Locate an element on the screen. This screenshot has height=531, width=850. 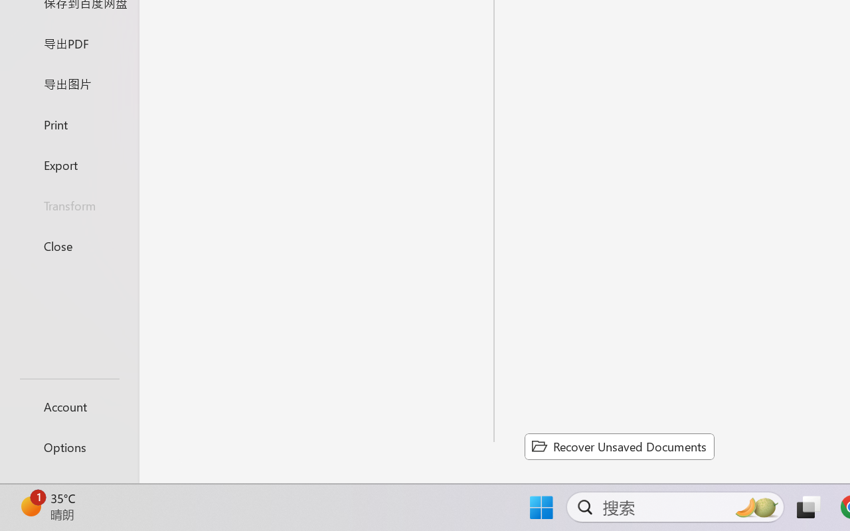
'Recover Unsaved Documents' is located at coordinates (619, 446).